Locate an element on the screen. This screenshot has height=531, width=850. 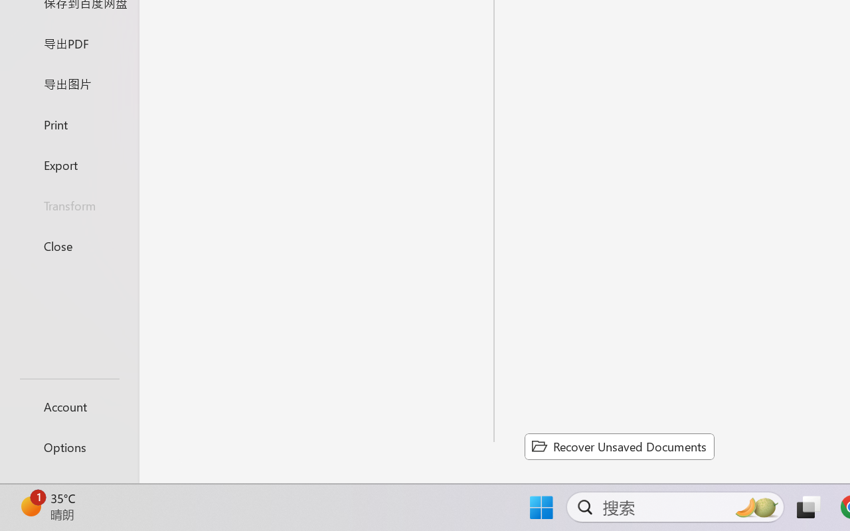
'Recover Unsaved Documents' is located at coordinates (619, 446).